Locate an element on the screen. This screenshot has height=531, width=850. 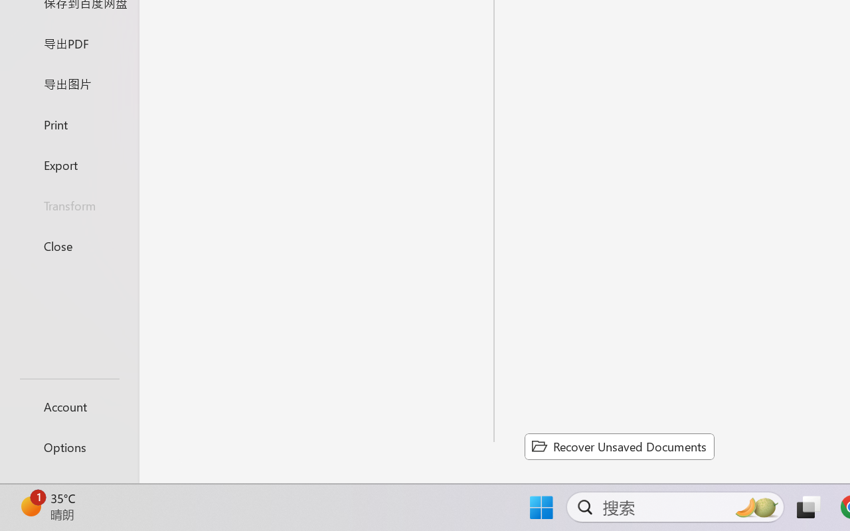
'Recover Unsaved Documents' is located at coordinates (619, 446).